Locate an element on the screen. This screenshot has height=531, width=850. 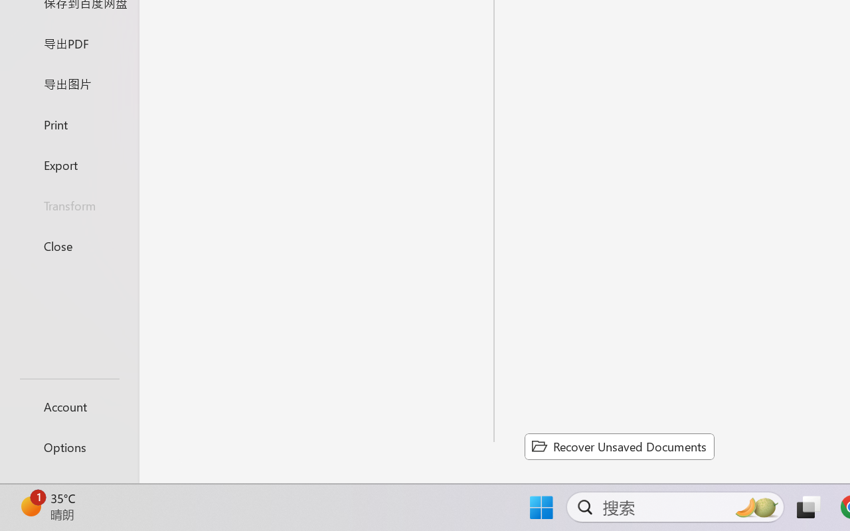
'Recover Unsaved Documents' is located at coordinates (619, 446).